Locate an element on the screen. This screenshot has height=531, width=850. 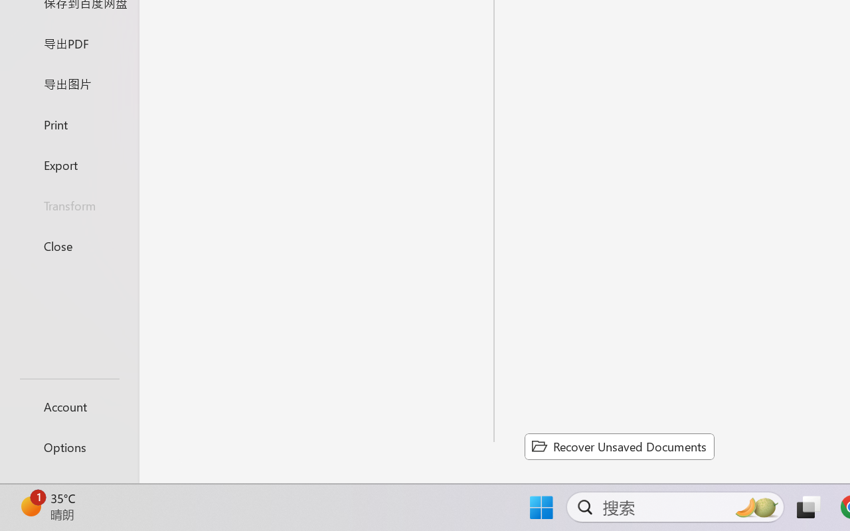
'Recover Unsaved Documents' is located at coordinates (619, 446).